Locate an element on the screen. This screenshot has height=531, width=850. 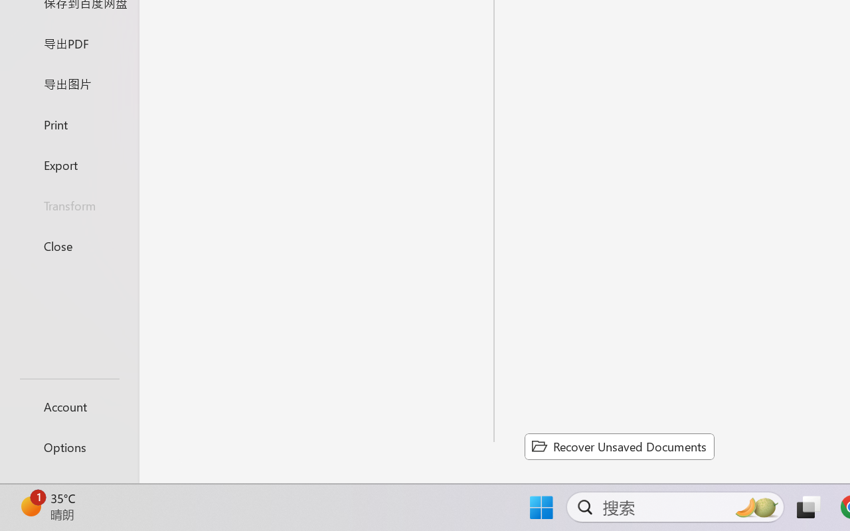
'Recover Unsaved Documents' is located at coordinates (619, 446).